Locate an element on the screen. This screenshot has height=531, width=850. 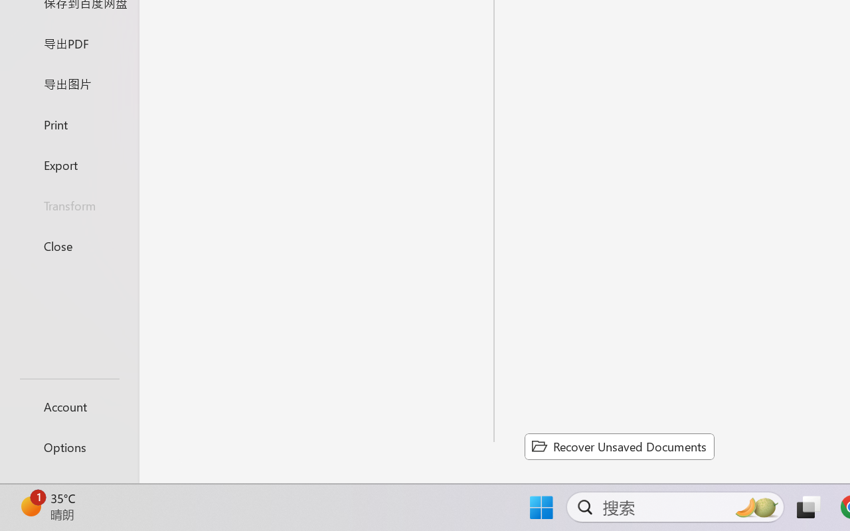
'Recover Unsaved Documents' is located at coordinates (619, 446).